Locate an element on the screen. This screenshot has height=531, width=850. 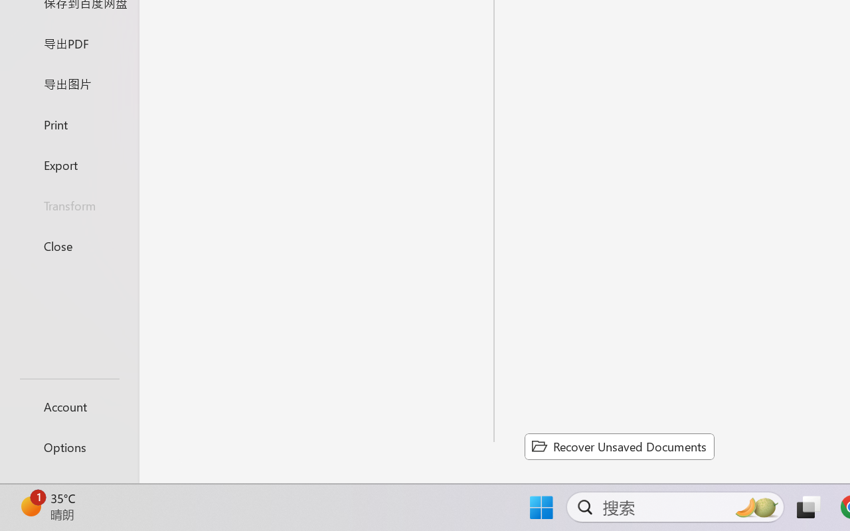
'Recover Unsaved Documents' is located at coordinates (619, 446).